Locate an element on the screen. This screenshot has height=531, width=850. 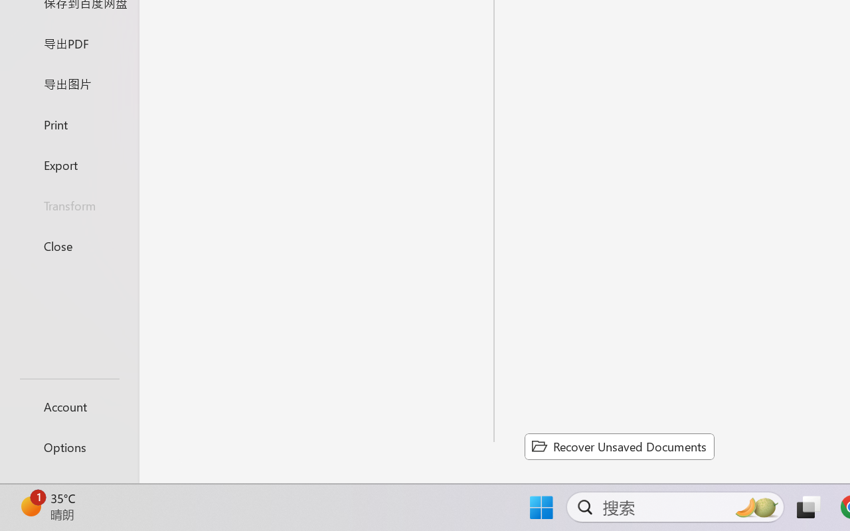
'Recover Unsaved Documents' is located at coordinates (619, 446).